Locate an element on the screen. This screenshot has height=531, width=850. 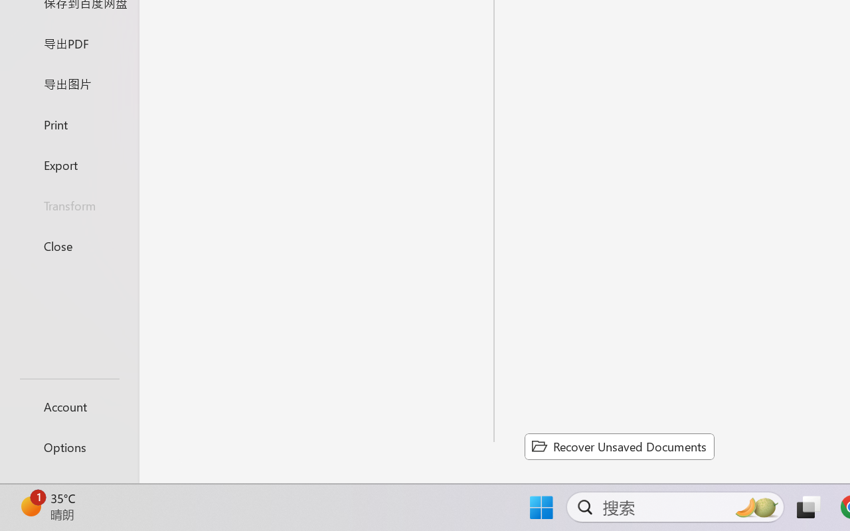
'Recover Unsaved Documents' is located at coordinates (619, 446).